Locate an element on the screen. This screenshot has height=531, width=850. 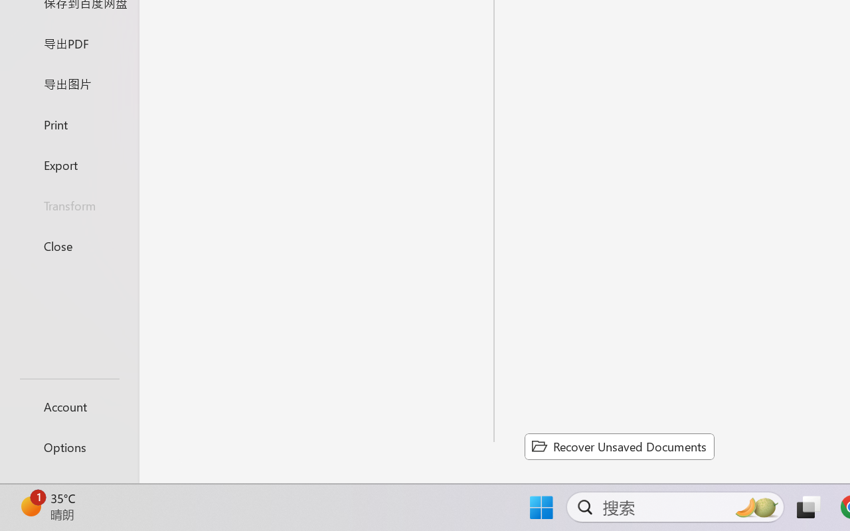
'Recover Unsaved Documents' is located at coordinates (619, 446).